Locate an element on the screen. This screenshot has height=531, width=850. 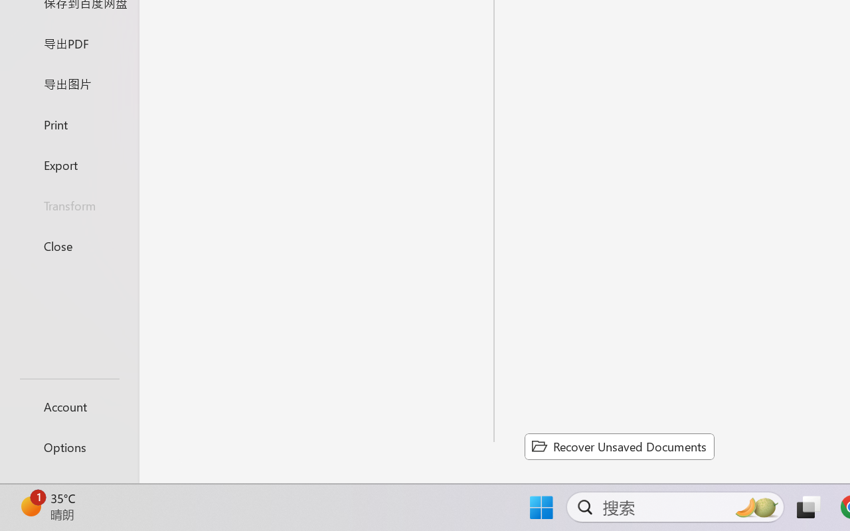
'Recover Unsaved Documents' is located at coordinates (619, 446).